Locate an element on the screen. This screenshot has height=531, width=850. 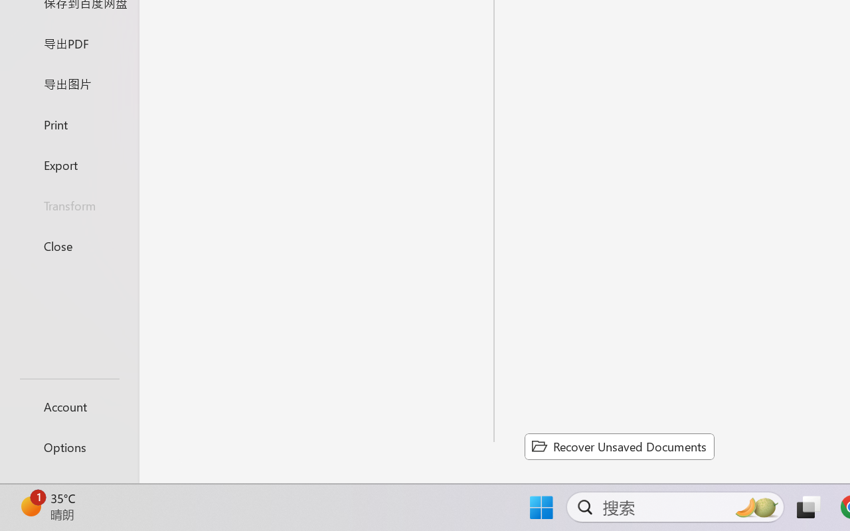
'Recover Unsaved Documents' is located at coordinates (619, 446).